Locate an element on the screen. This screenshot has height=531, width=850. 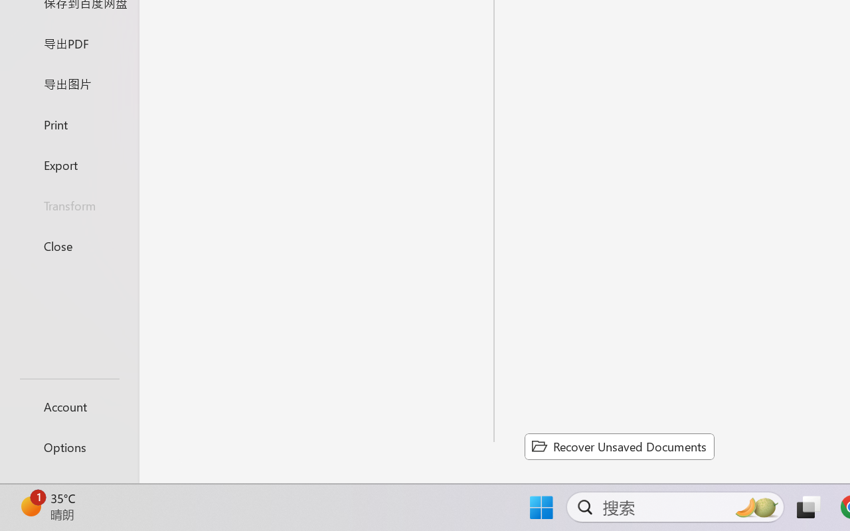
'Recover Unsaved Documents' is located at coordinates (619, 446).